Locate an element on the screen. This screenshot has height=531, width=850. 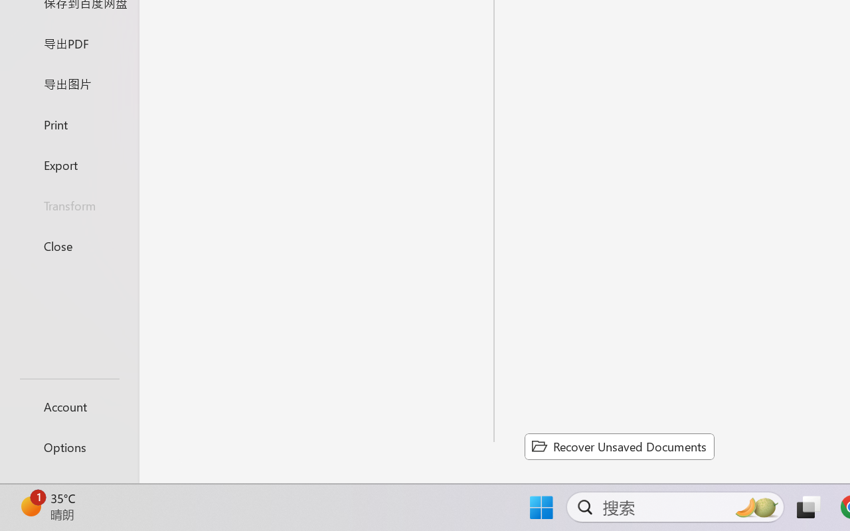
'Recover Unsaved Documents' is located at coordinates (619, 446).